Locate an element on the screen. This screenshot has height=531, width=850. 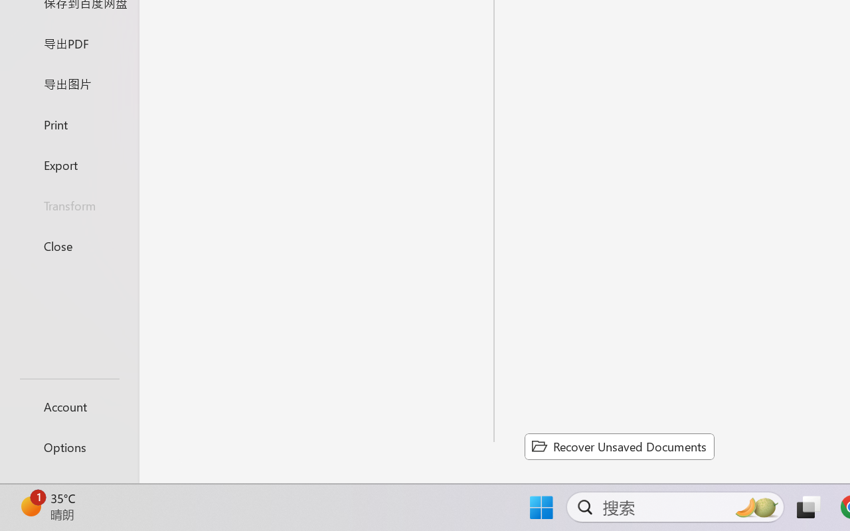
'Recover Unsaved Documents' is located at coordinates (619, 446).